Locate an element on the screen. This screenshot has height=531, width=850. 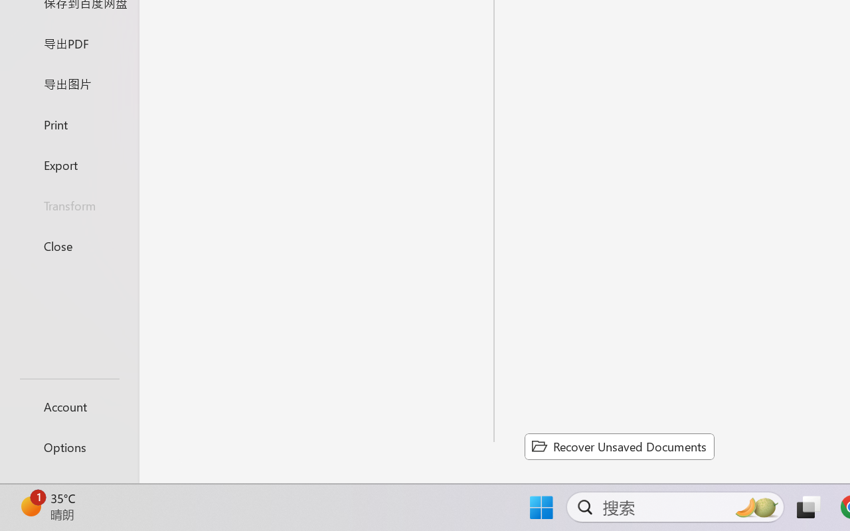
'Recover Unsaved Documents' is located at coordinates (619, 446).